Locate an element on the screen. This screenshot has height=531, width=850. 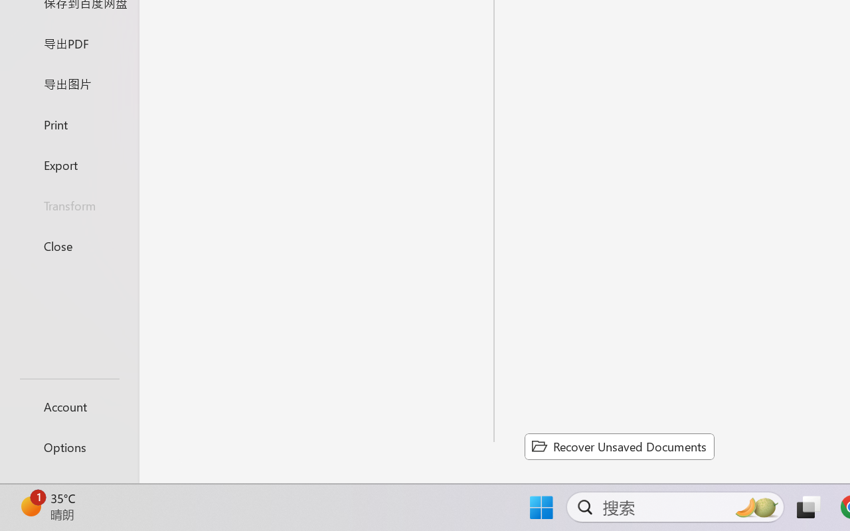
'Recover Unsaved Documents' is located at coordinates (619, 446).